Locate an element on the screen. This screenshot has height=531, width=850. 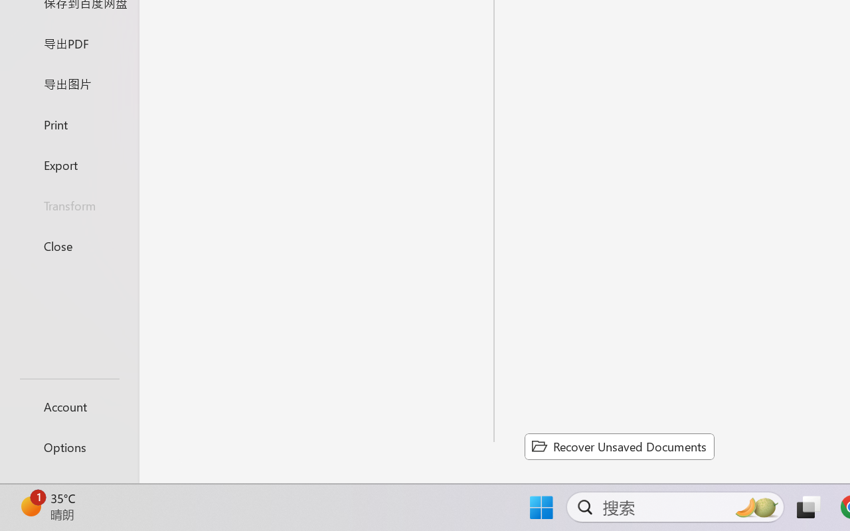
'Recover Unsaved Documents' is located at coordinates (619, 446).